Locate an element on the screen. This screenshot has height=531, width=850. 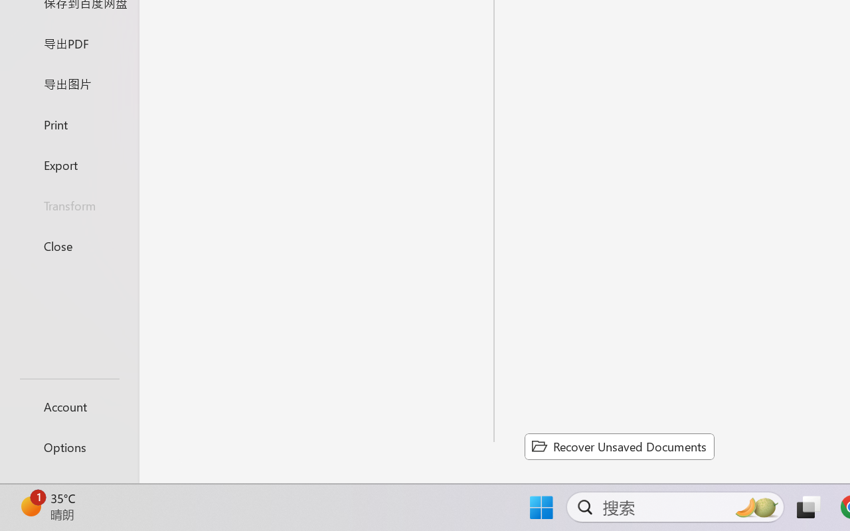
'Recover Unsaved Documents' is located at coordinates (619, 446).